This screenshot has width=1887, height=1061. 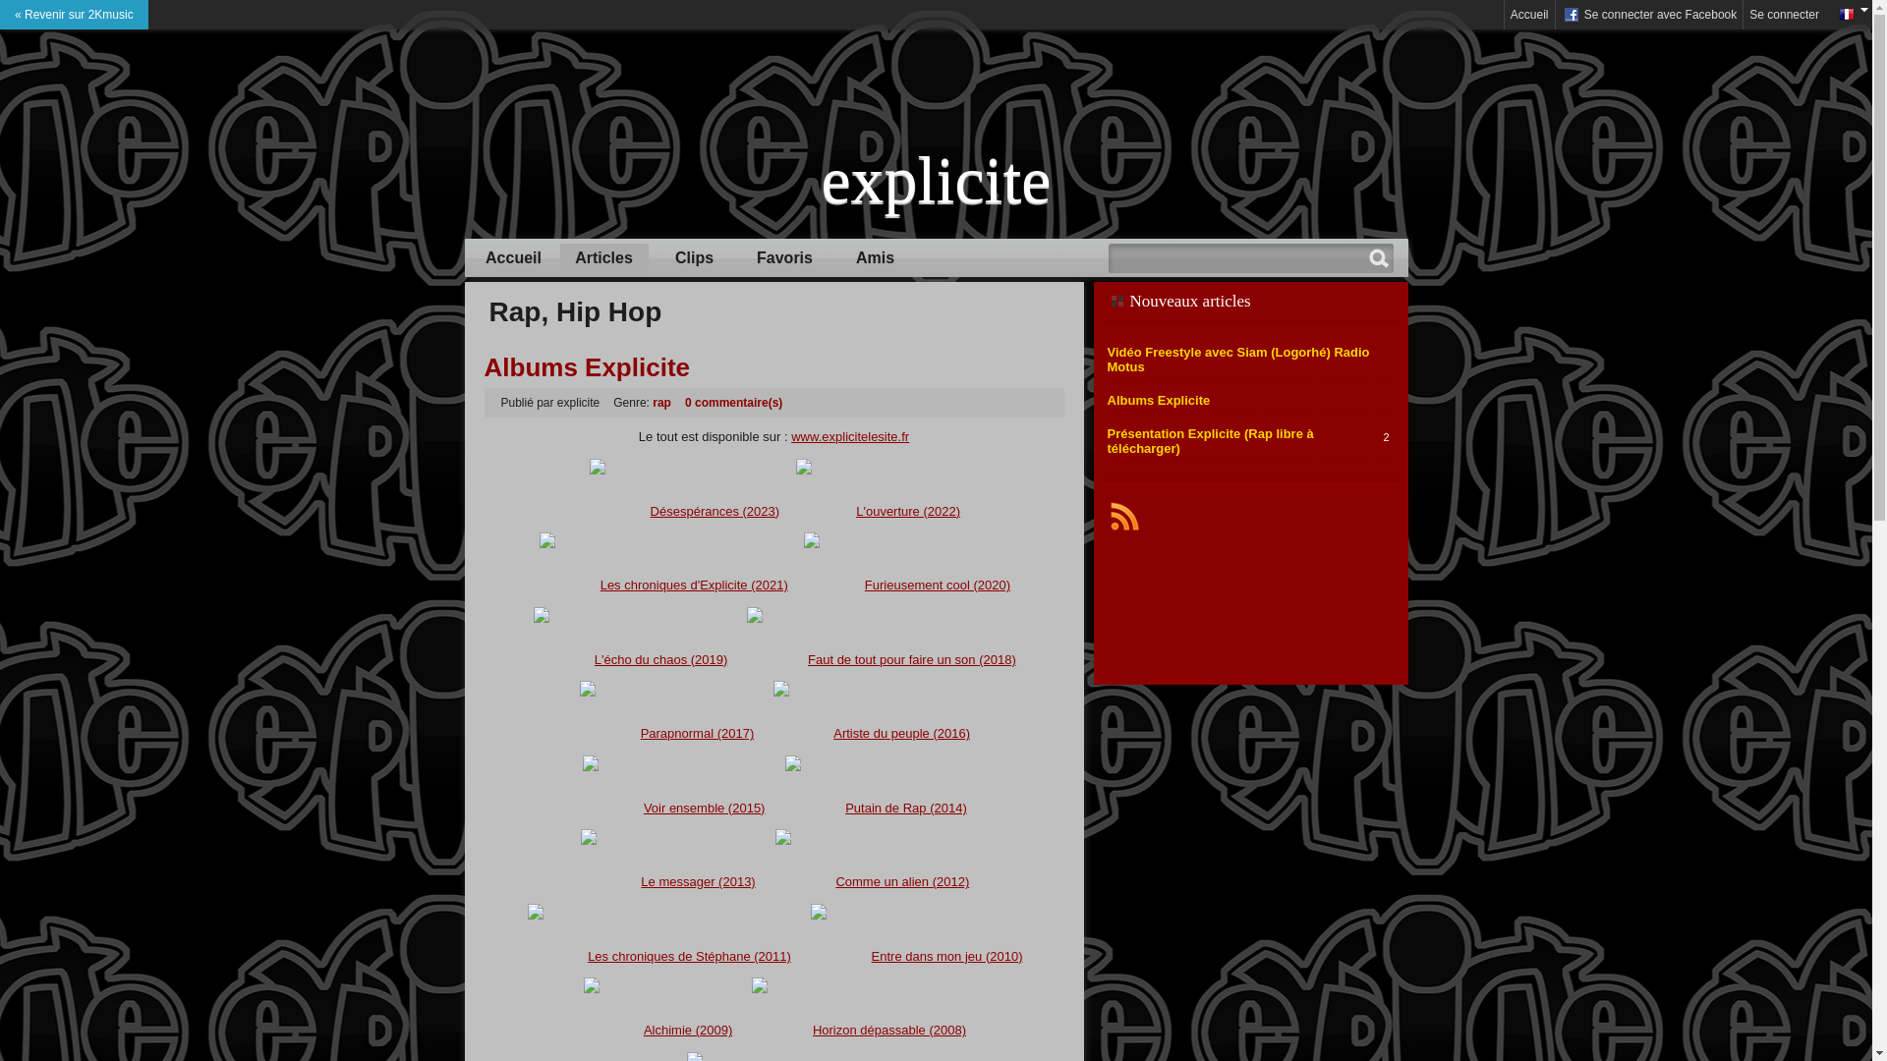 What do you see at coordinates (1158, 399) in the screenshot?
I see `'Albums Explicite'` at bounding box center [1158, 399].